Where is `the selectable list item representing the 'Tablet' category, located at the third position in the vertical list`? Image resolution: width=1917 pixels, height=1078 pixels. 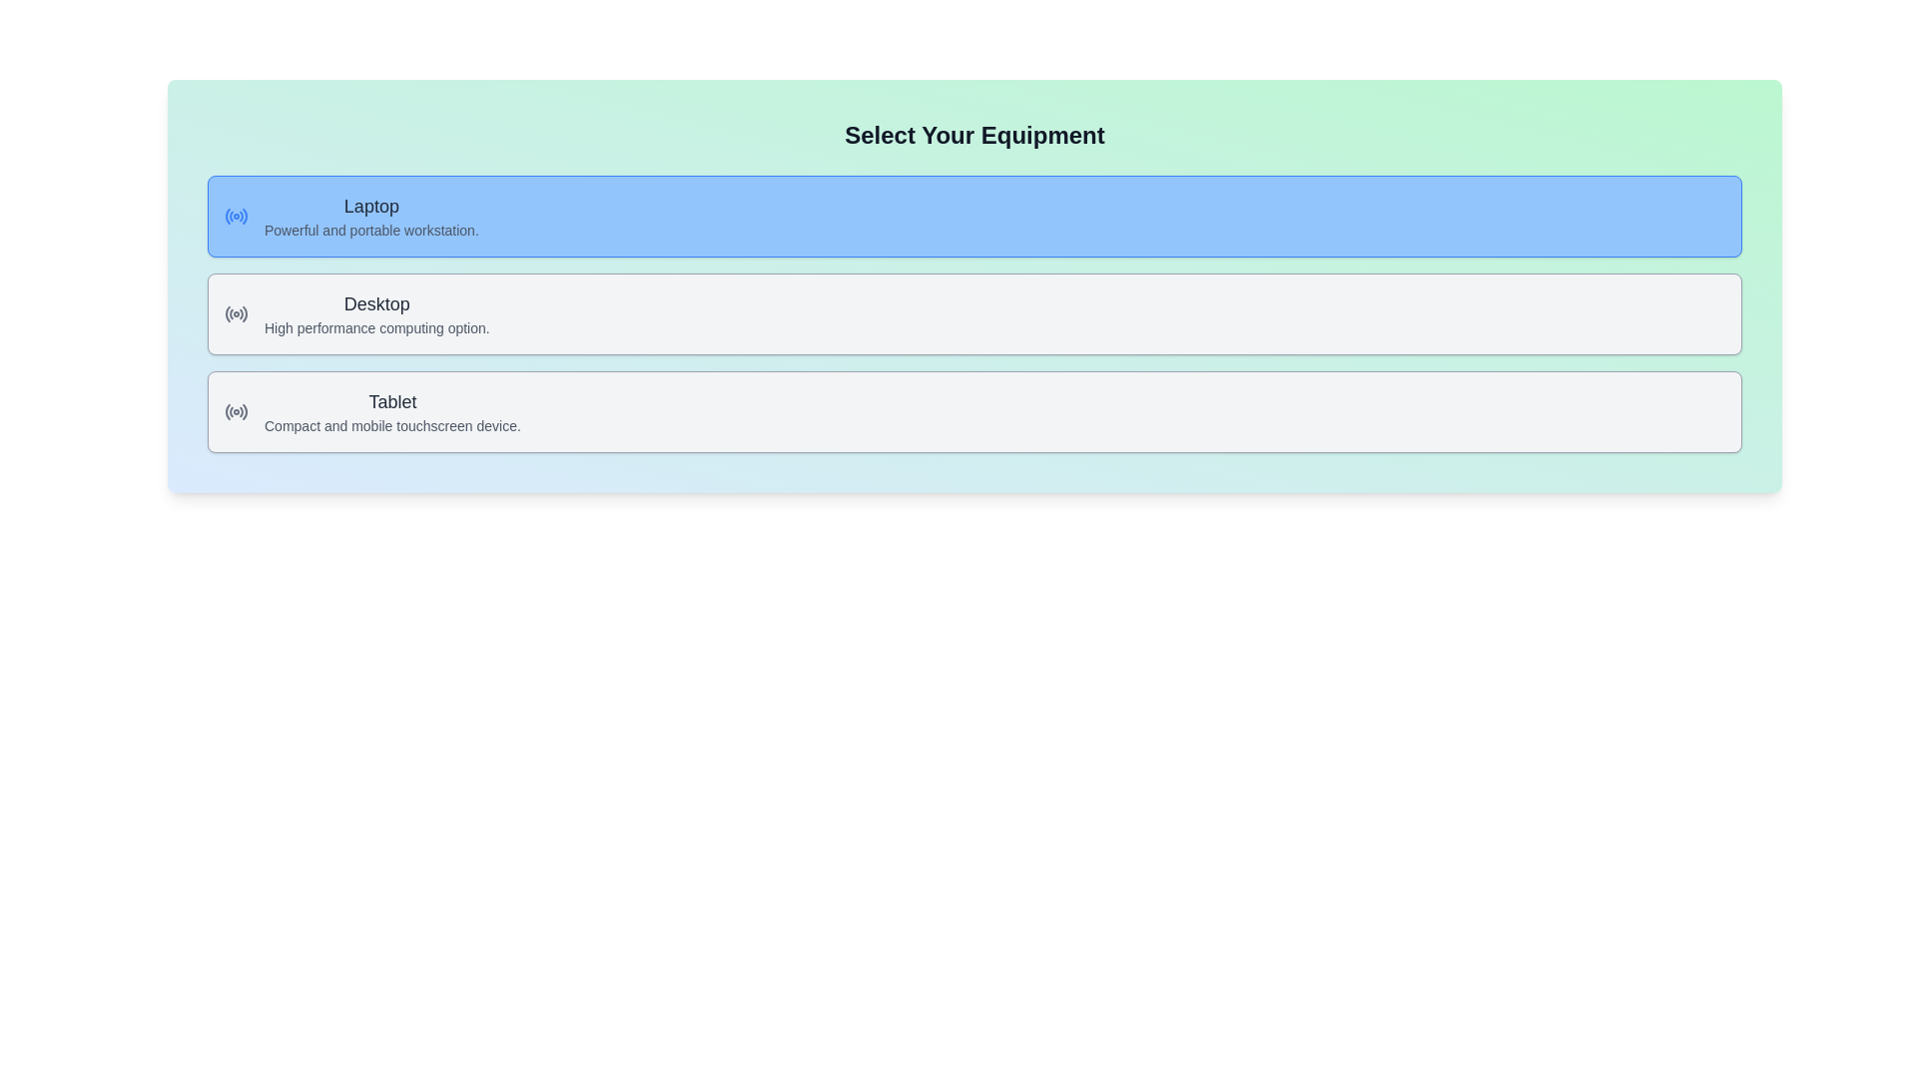 the selectable list item representing the 'Tablet' category, located at the third position in the vertical list is located at coordinates (974, 410).